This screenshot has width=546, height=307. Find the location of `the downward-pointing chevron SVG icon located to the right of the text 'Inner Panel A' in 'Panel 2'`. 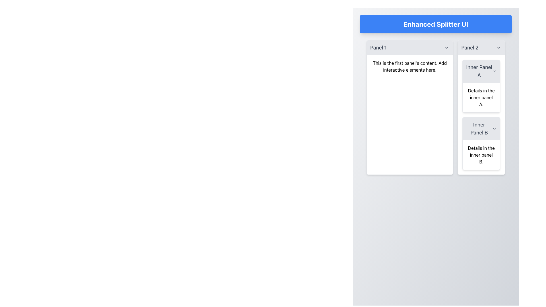

the downward-pointing chevron SVG icon located to the right of the text 'Inner Panel A' in 'Panel 2' is located at coordinates (494, 71).